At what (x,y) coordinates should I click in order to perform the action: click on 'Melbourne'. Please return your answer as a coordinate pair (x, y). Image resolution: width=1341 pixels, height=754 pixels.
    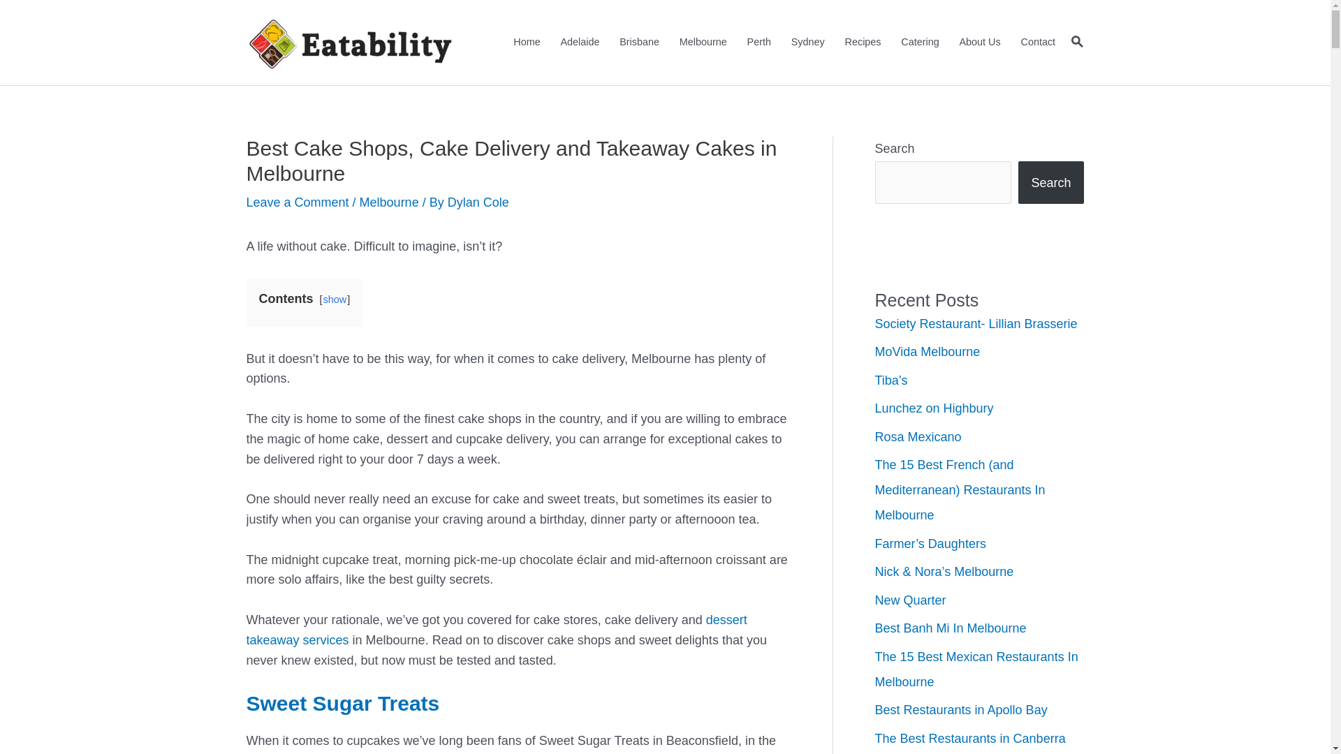
    Looking at the image, I should click on (703, 42).